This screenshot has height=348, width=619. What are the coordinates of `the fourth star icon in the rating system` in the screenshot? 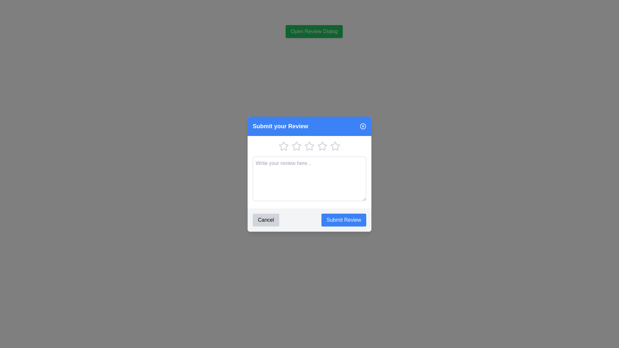 It's located at (322, 146).